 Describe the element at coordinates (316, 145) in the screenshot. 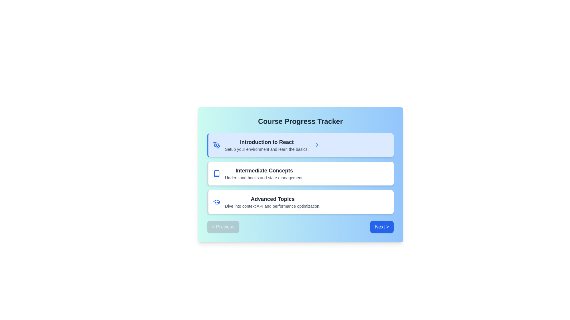

I see `the right-pointing chevron icon aligned with the 'Introduction to React' entry` at that location.